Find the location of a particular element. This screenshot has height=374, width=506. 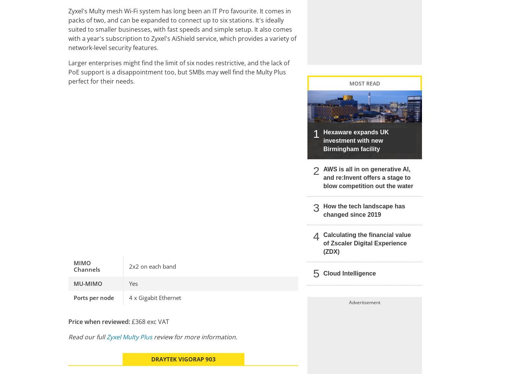

'Advertisement' is located at coordinates (364, 302).